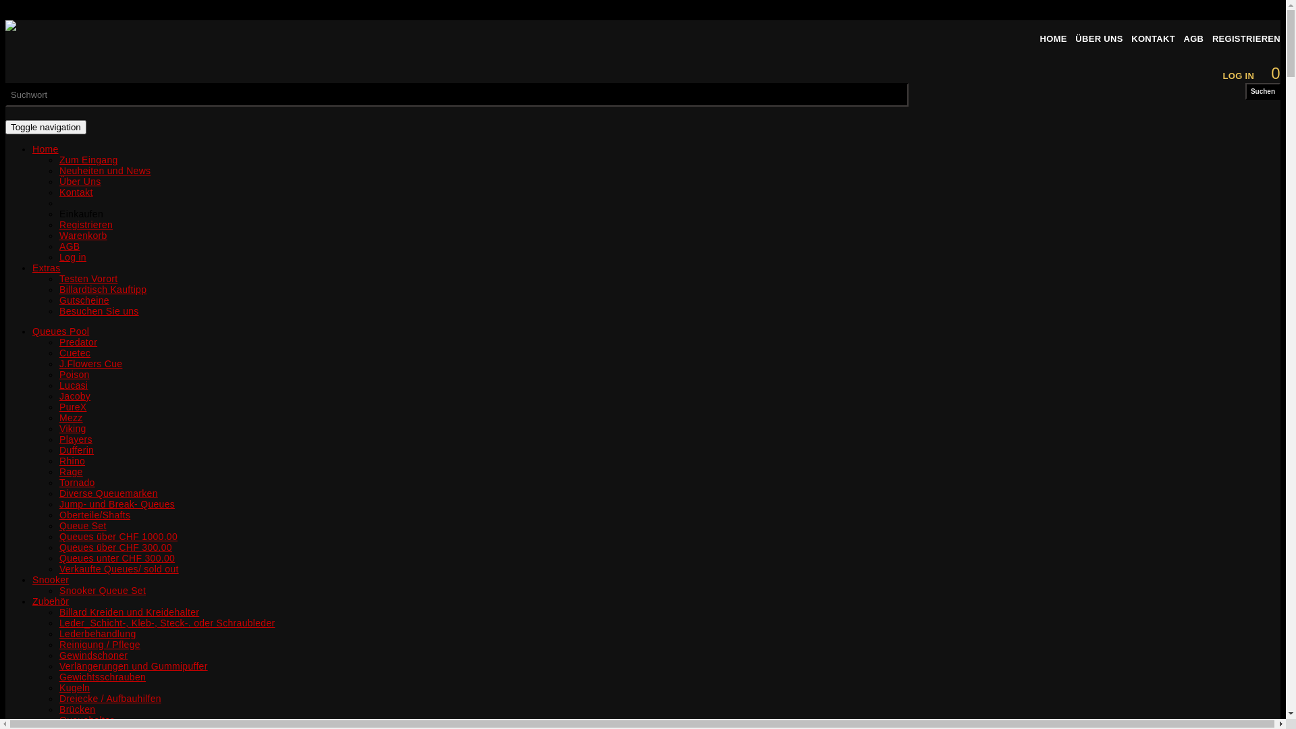  What do you see at coordinates (74, 352) in the screenshot?
I see `'Cuetec'` at bounding box center [74, 352].